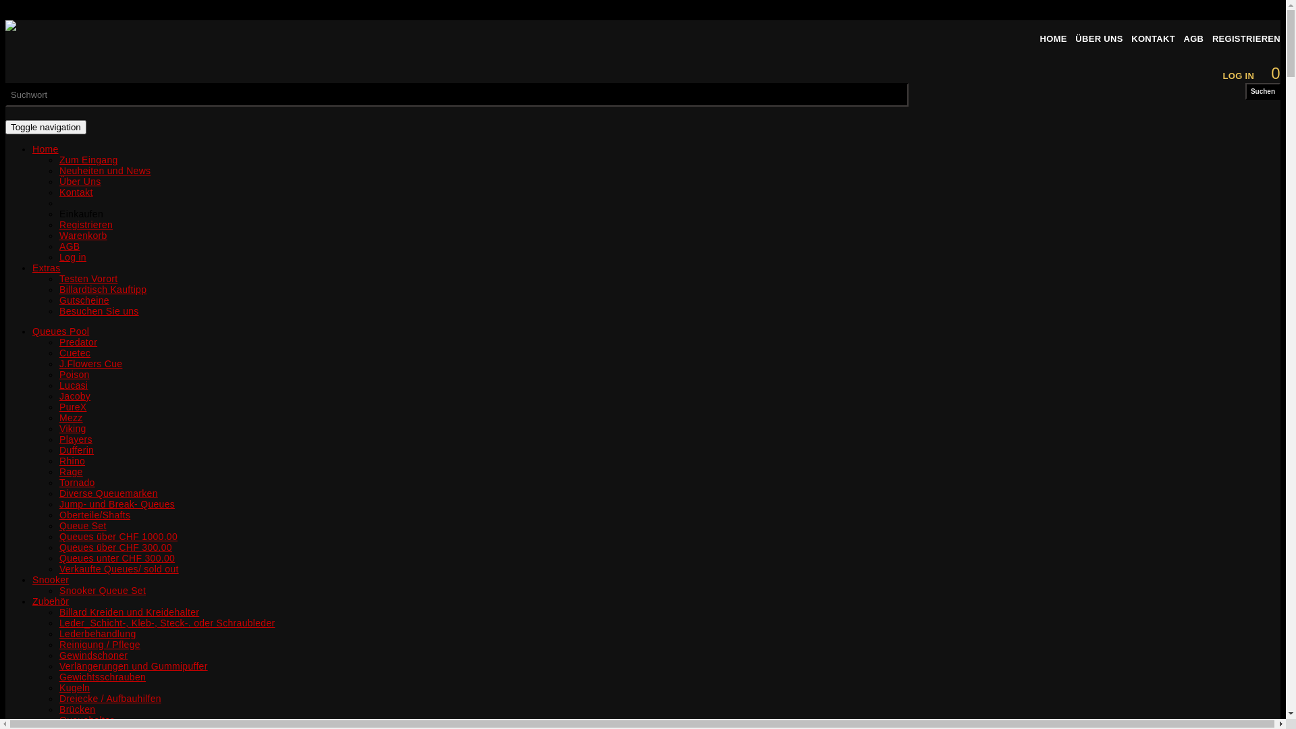  What do you see at coordinates (74, 352) in the screenshot?
I see `'Cuetec'` at bounding box center [74, 352].